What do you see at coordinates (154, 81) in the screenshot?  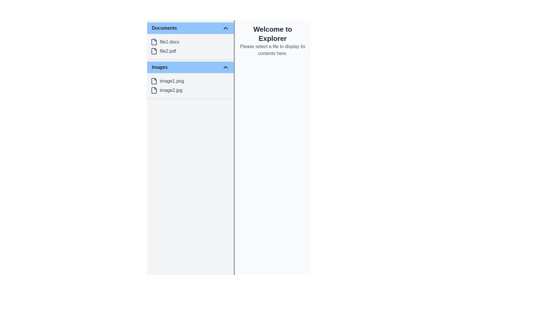 I see `the SVG icon representing a file symbol located in the 'Images' section of the sidebar` at bounding box center [154, 81].